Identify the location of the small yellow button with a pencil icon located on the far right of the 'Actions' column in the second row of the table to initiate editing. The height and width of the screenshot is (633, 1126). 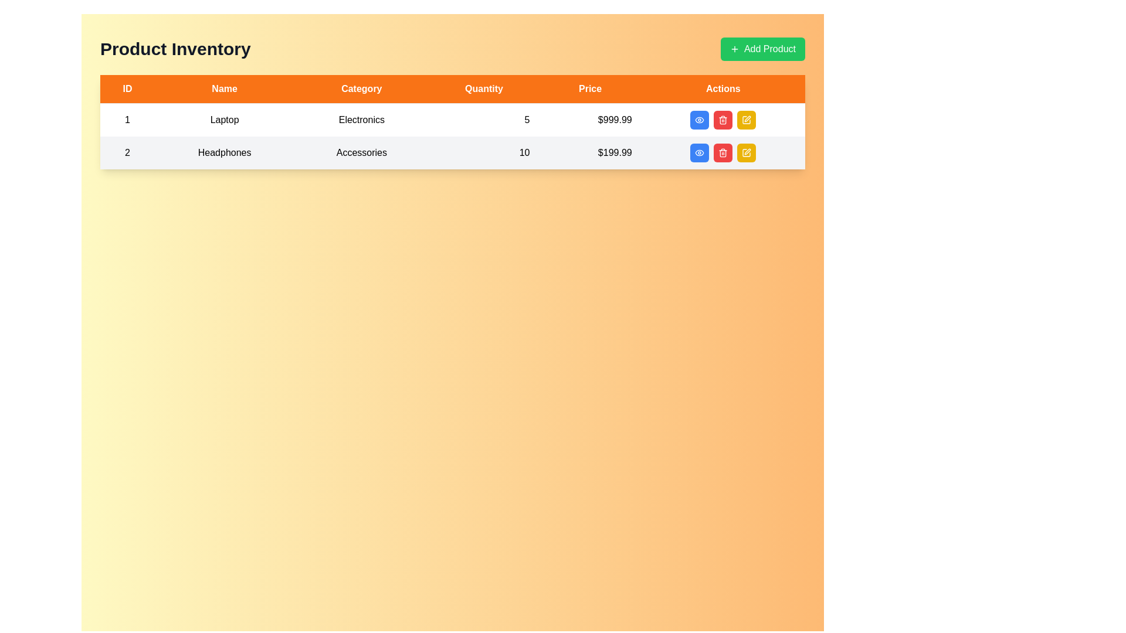
(746, 120).